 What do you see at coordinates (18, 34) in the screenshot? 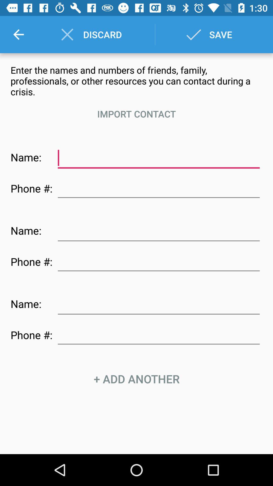
I see `the app above the enter the names item` at bounding box center [18, 34].